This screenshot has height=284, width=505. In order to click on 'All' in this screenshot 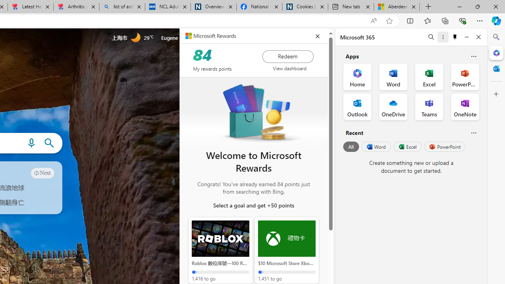, I will do `click(351, 147)`.